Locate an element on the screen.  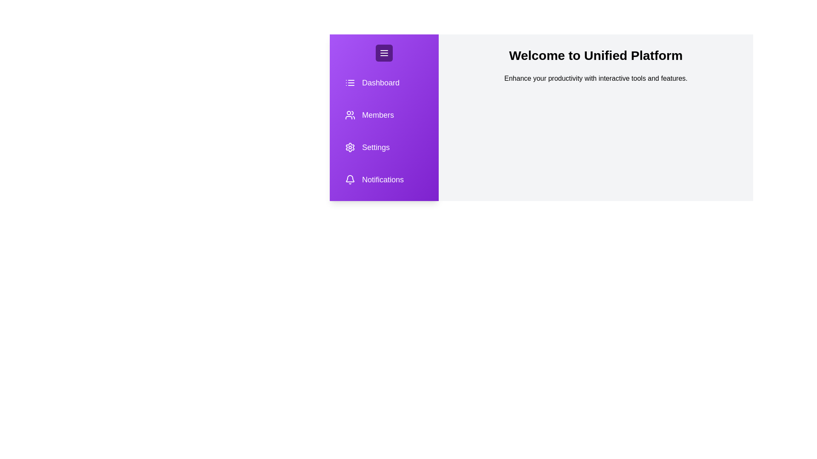
the text in the main content area to select it is located at coordinates (595, 79).